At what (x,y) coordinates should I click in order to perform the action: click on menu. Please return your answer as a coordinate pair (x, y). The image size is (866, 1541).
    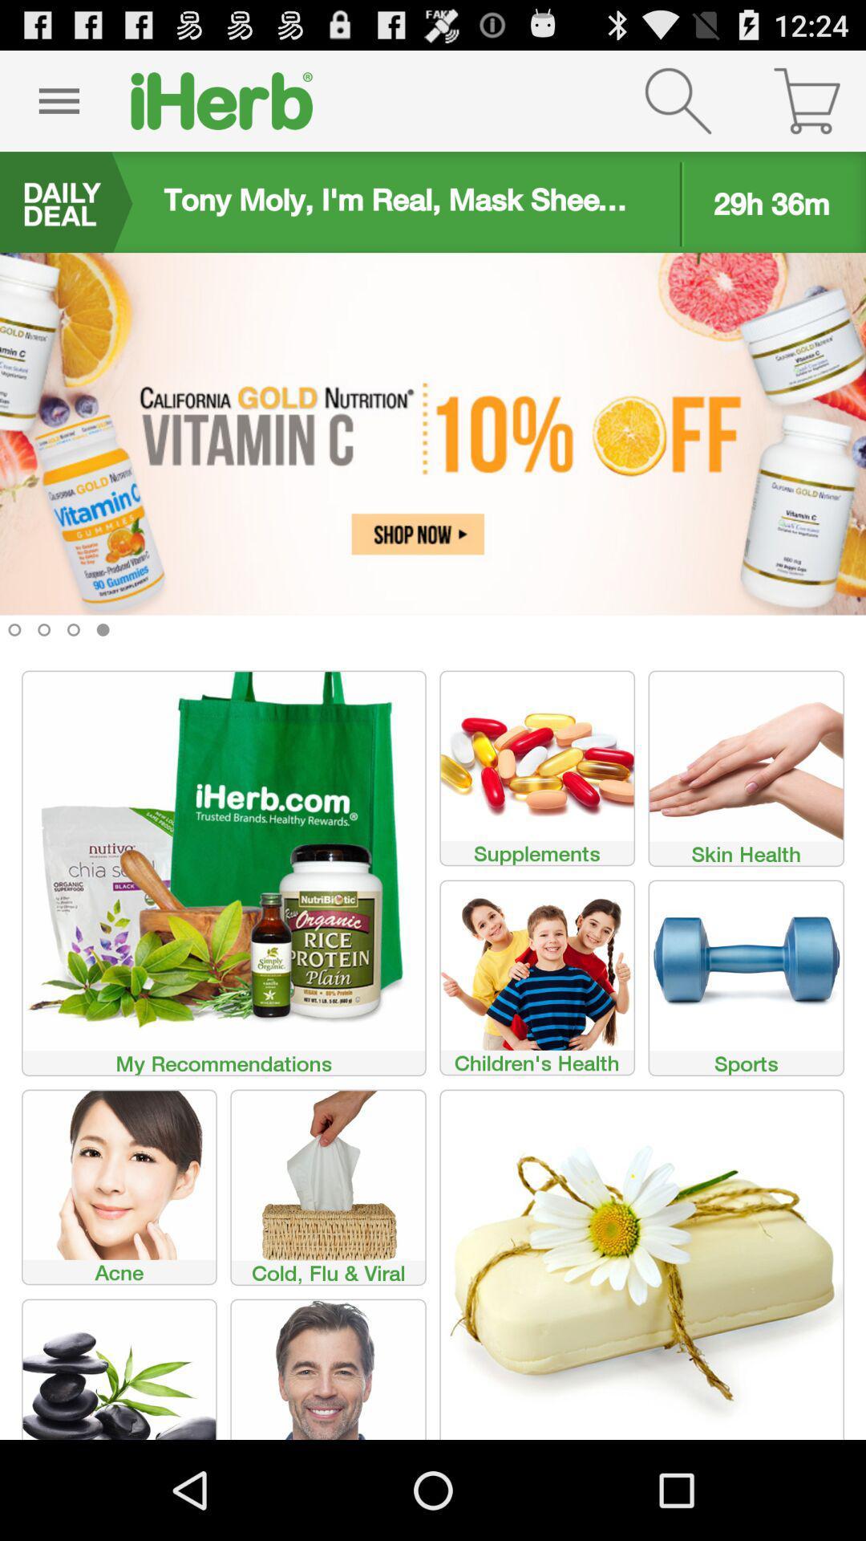
    Looking at the image, I should click on (58, 100).